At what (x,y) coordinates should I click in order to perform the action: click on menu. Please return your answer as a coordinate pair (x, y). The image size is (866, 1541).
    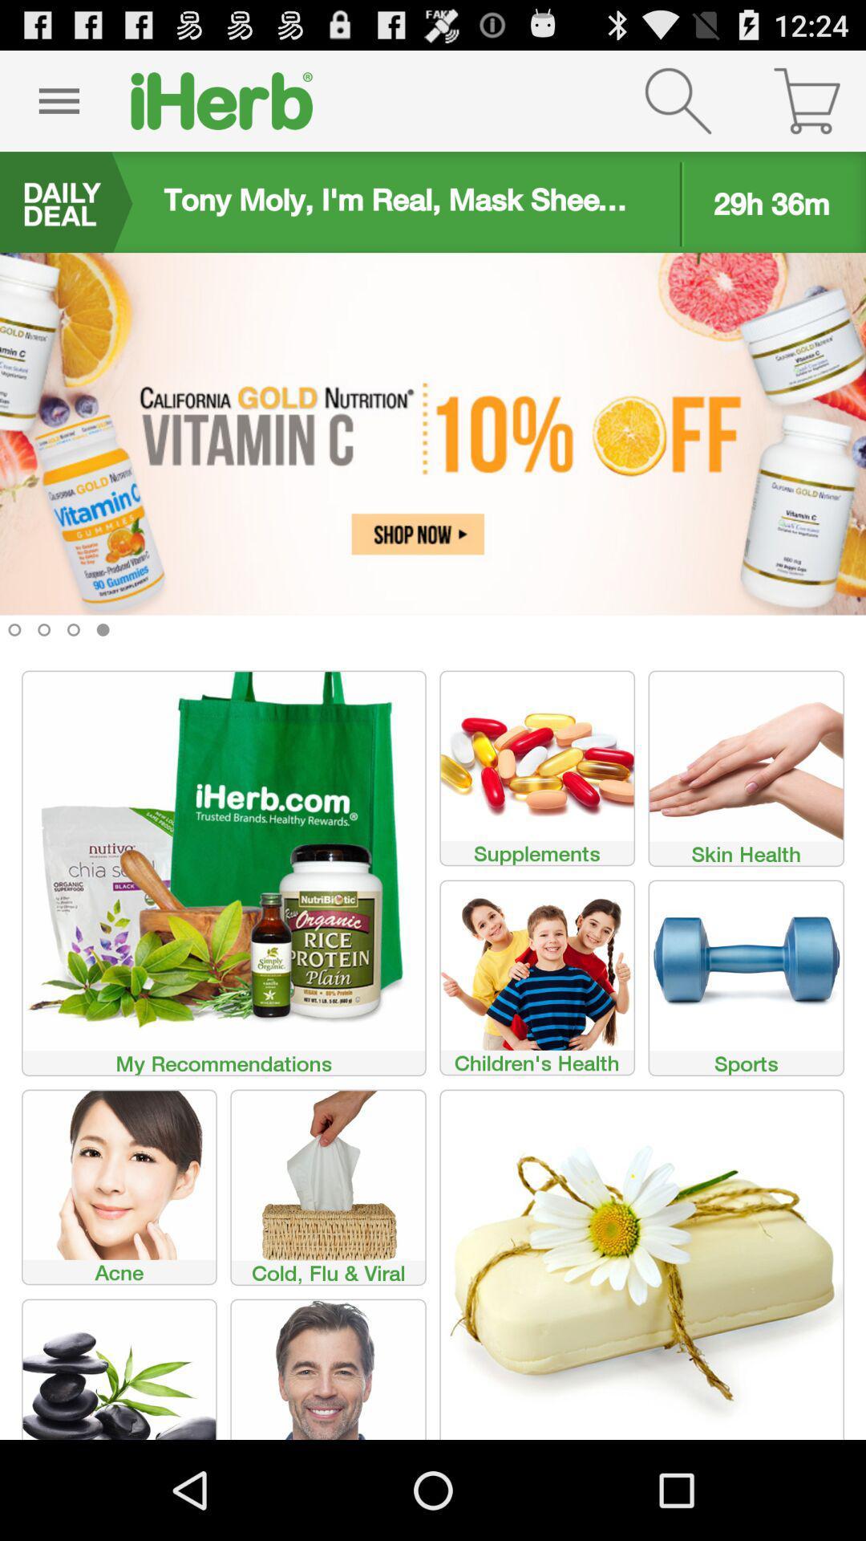
    Looking at the image, I should click on (58, 100).